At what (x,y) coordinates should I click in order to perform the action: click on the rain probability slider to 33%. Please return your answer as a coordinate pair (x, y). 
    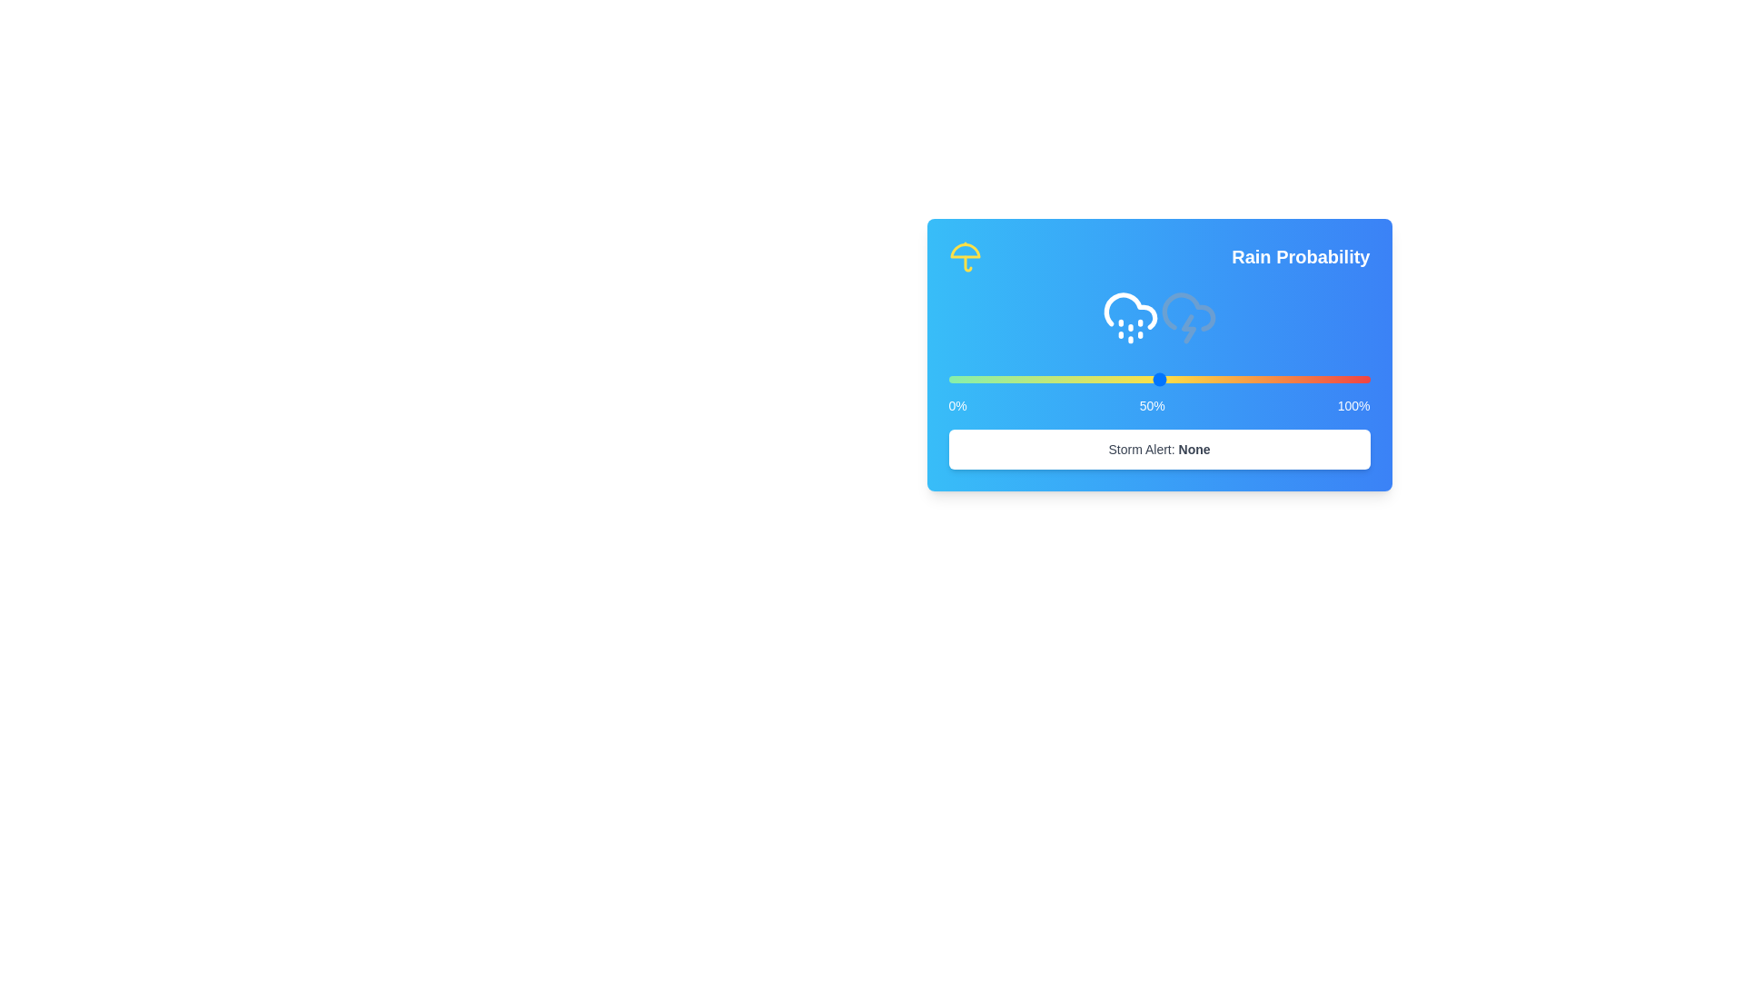
    Looking at the image, I should click on (1087, 378).